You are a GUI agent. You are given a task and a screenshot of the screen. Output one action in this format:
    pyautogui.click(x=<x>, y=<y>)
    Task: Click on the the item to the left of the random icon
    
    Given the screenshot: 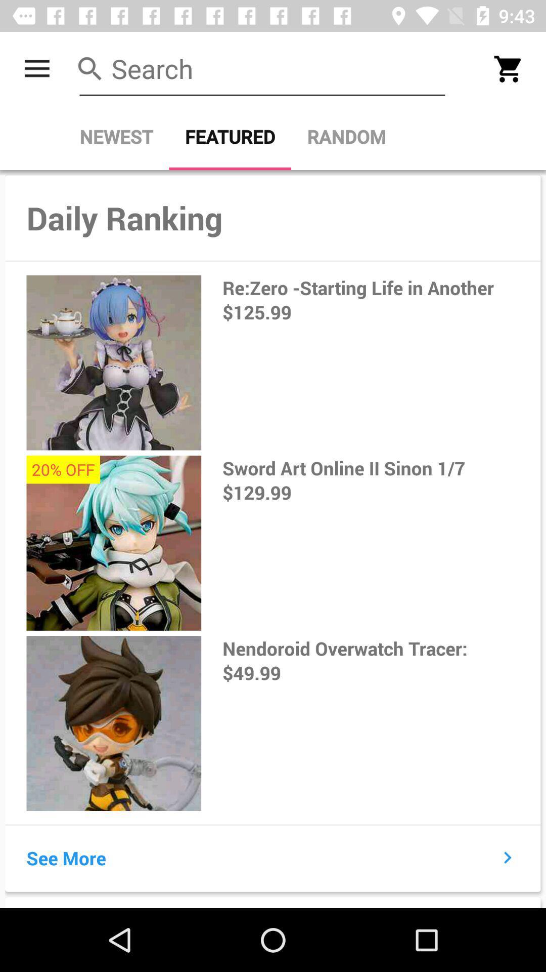 What is the action you would take?
    pyautogui.click(x=230, y=136)
    